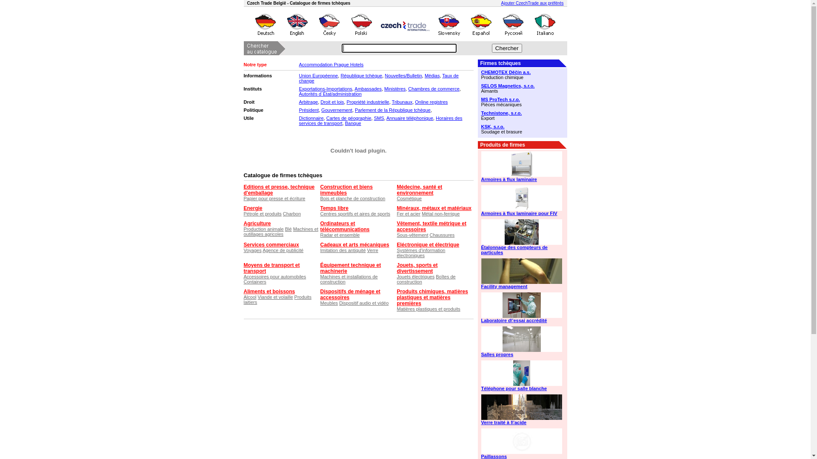  What do you see at coordinates (292, 213) in the screenshot?
I see `'Charbon'` at bounding box center [292, 213].